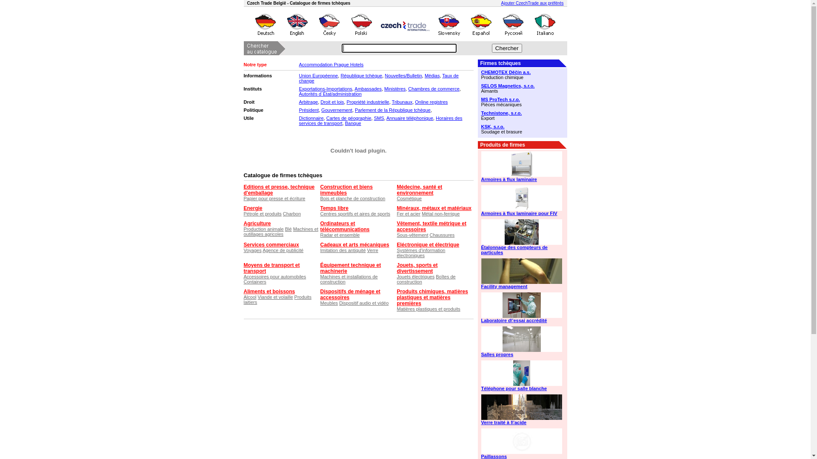  What do you see at coordinates (292, 213) in the screenshot?
I see `'Charbon'` at bounding box center [292, 213].